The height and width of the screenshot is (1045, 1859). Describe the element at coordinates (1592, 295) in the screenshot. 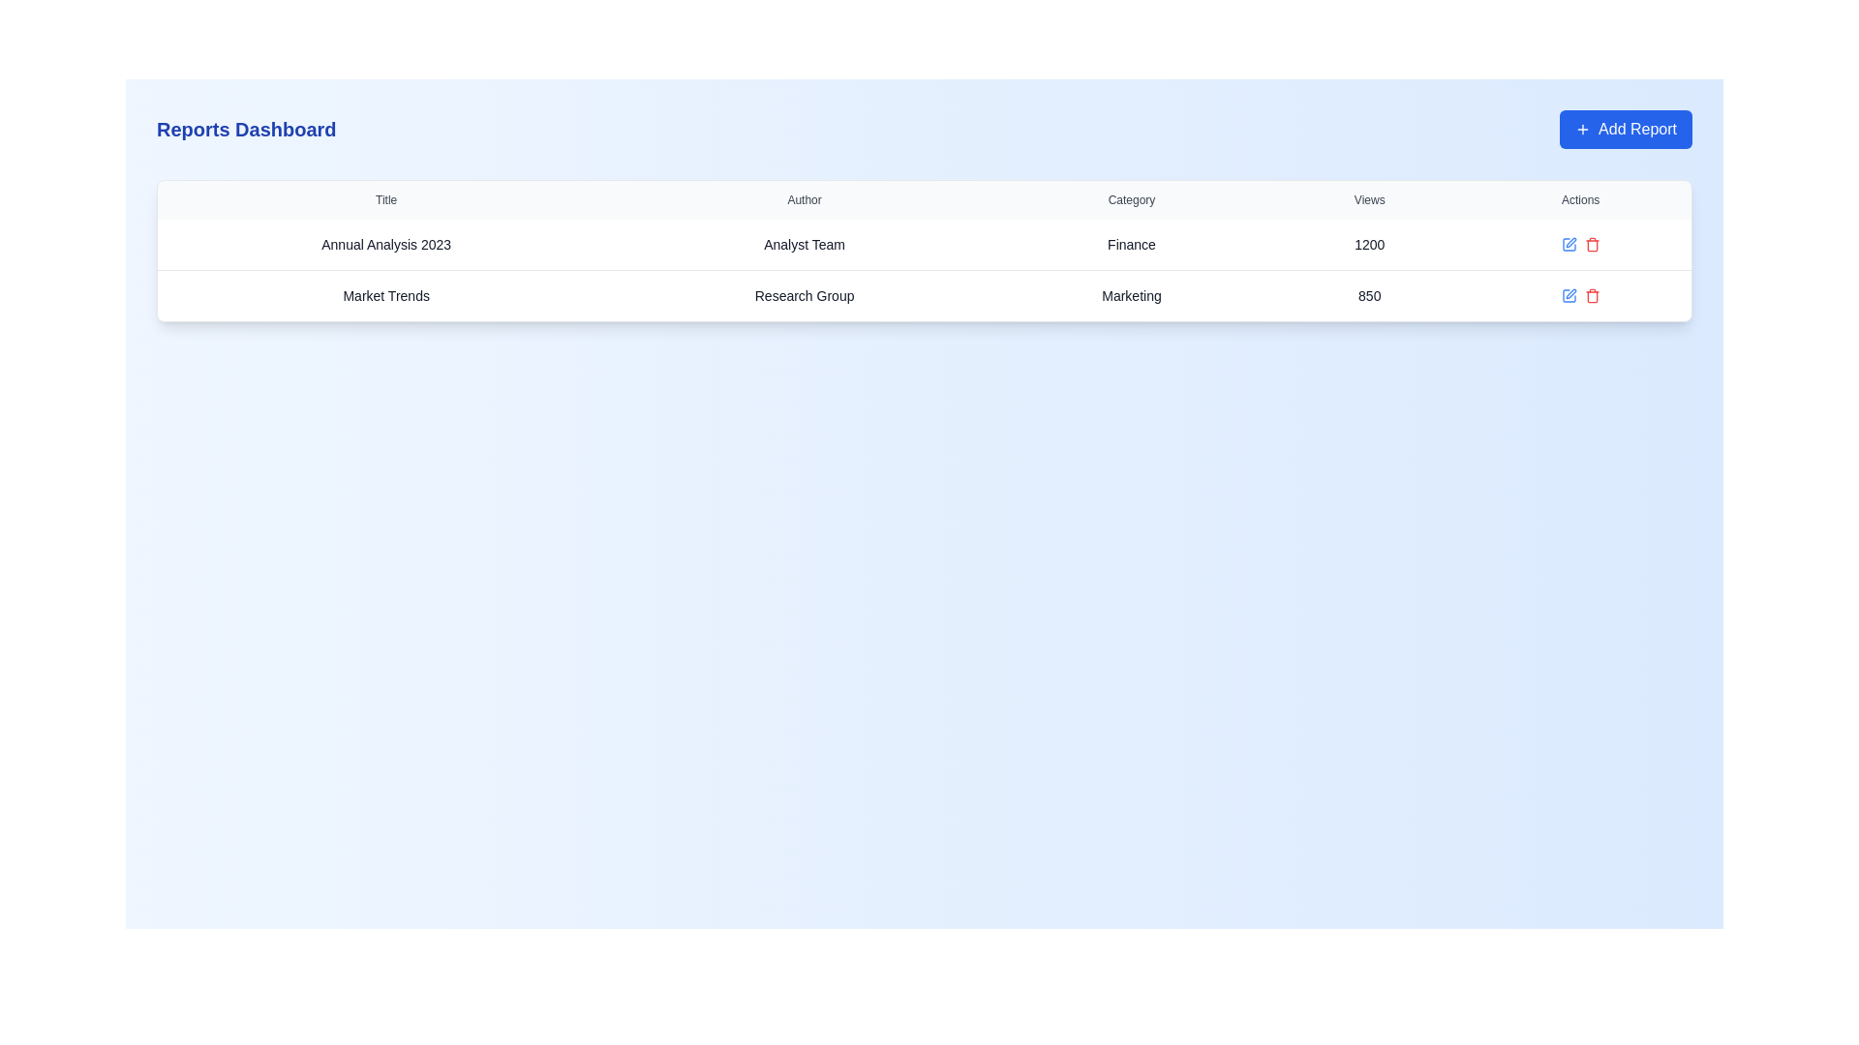

I see `the second icon in the actions column of the table` at that location.